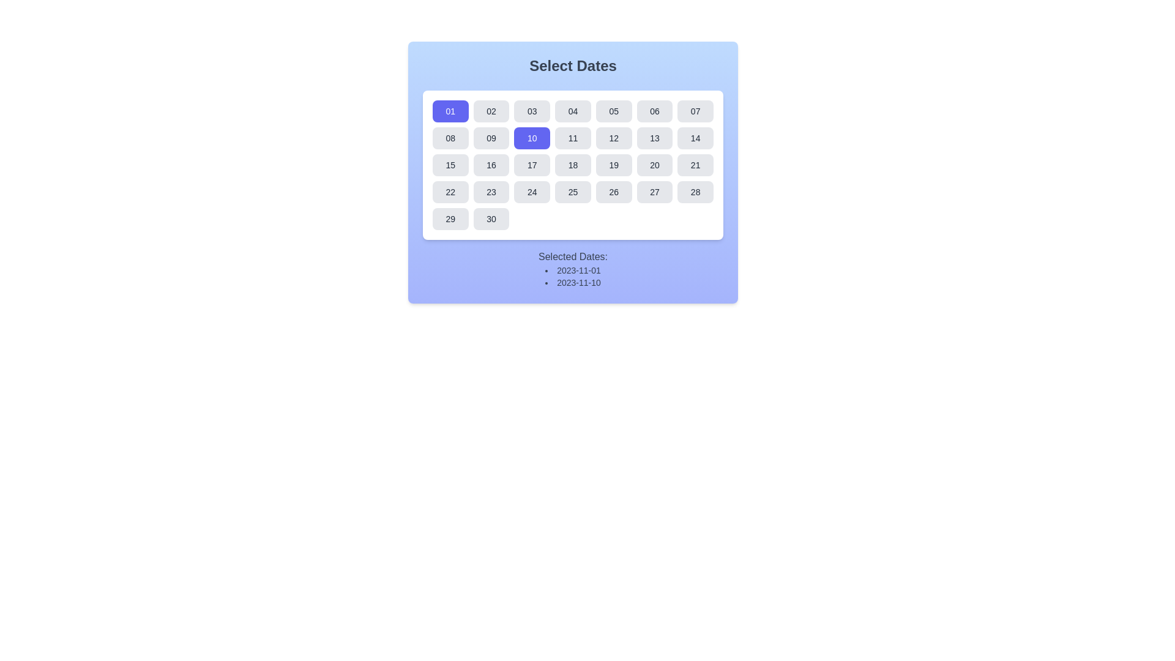  I want to click on the rounded square button labeled '14', so click(695, 138).